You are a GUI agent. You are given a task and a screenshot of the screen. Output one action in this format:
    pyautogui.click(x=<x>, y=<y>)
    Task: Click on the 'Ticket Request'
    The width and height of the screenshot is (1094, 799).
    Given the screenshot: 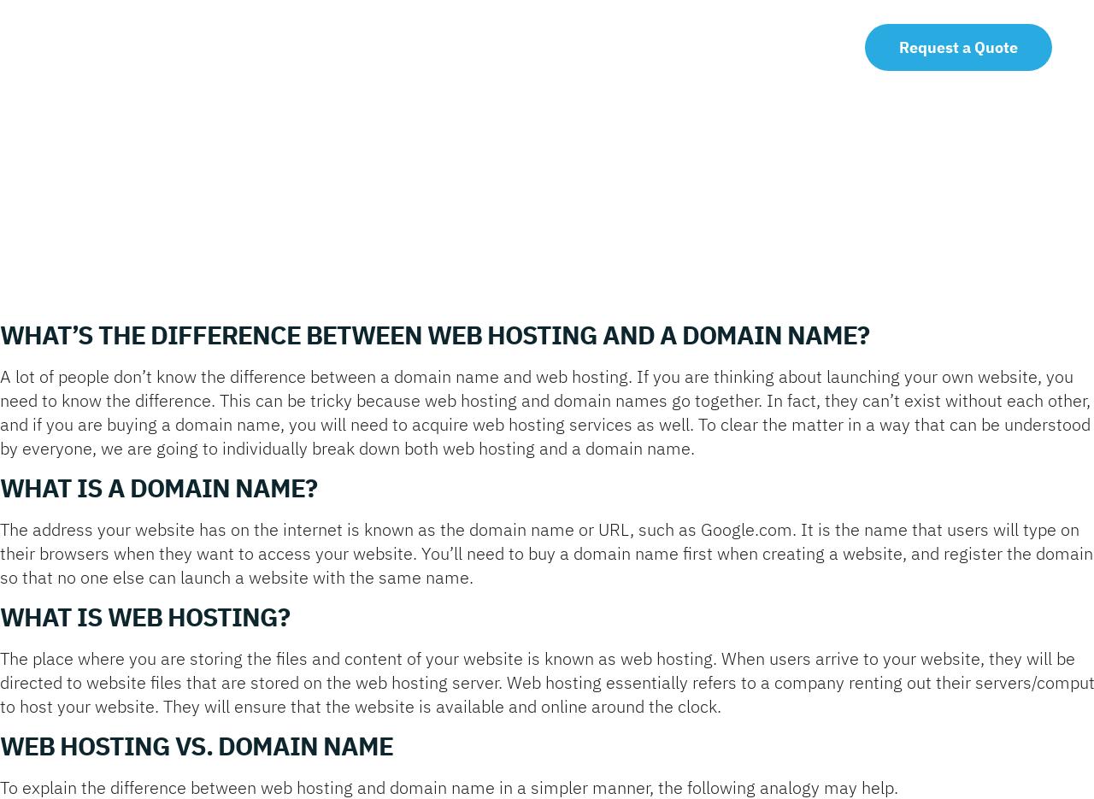 What is the action you would take?
    pyautogui.click(x=701, y=40)
    